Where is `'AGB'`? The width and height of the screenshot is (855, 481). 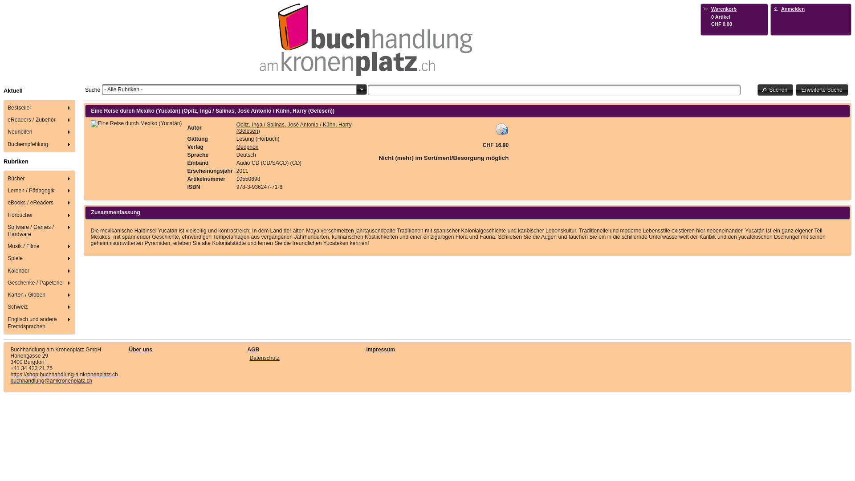
'AGB' is located at coordinates (253, 349).